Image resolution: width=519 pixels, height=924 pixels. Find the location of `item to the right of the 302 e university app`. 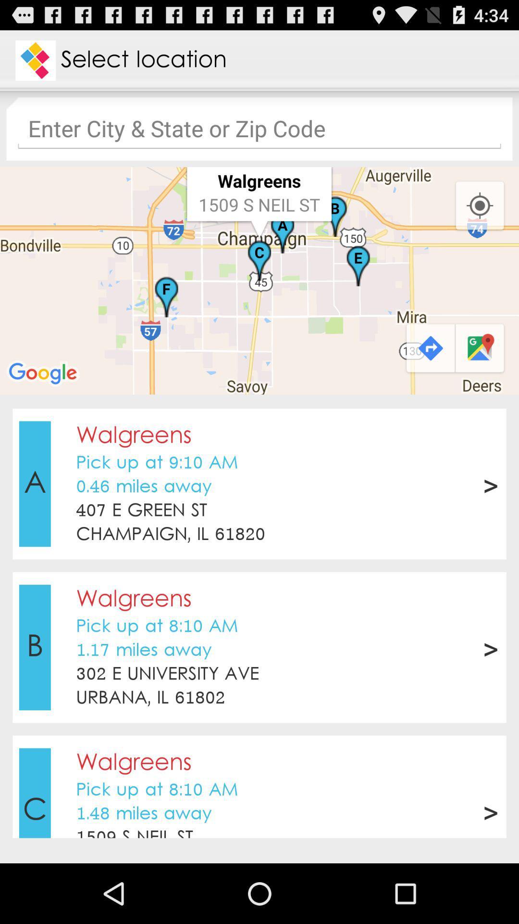

item to the right of the 302 e university app is located at coordinates (490, 647).